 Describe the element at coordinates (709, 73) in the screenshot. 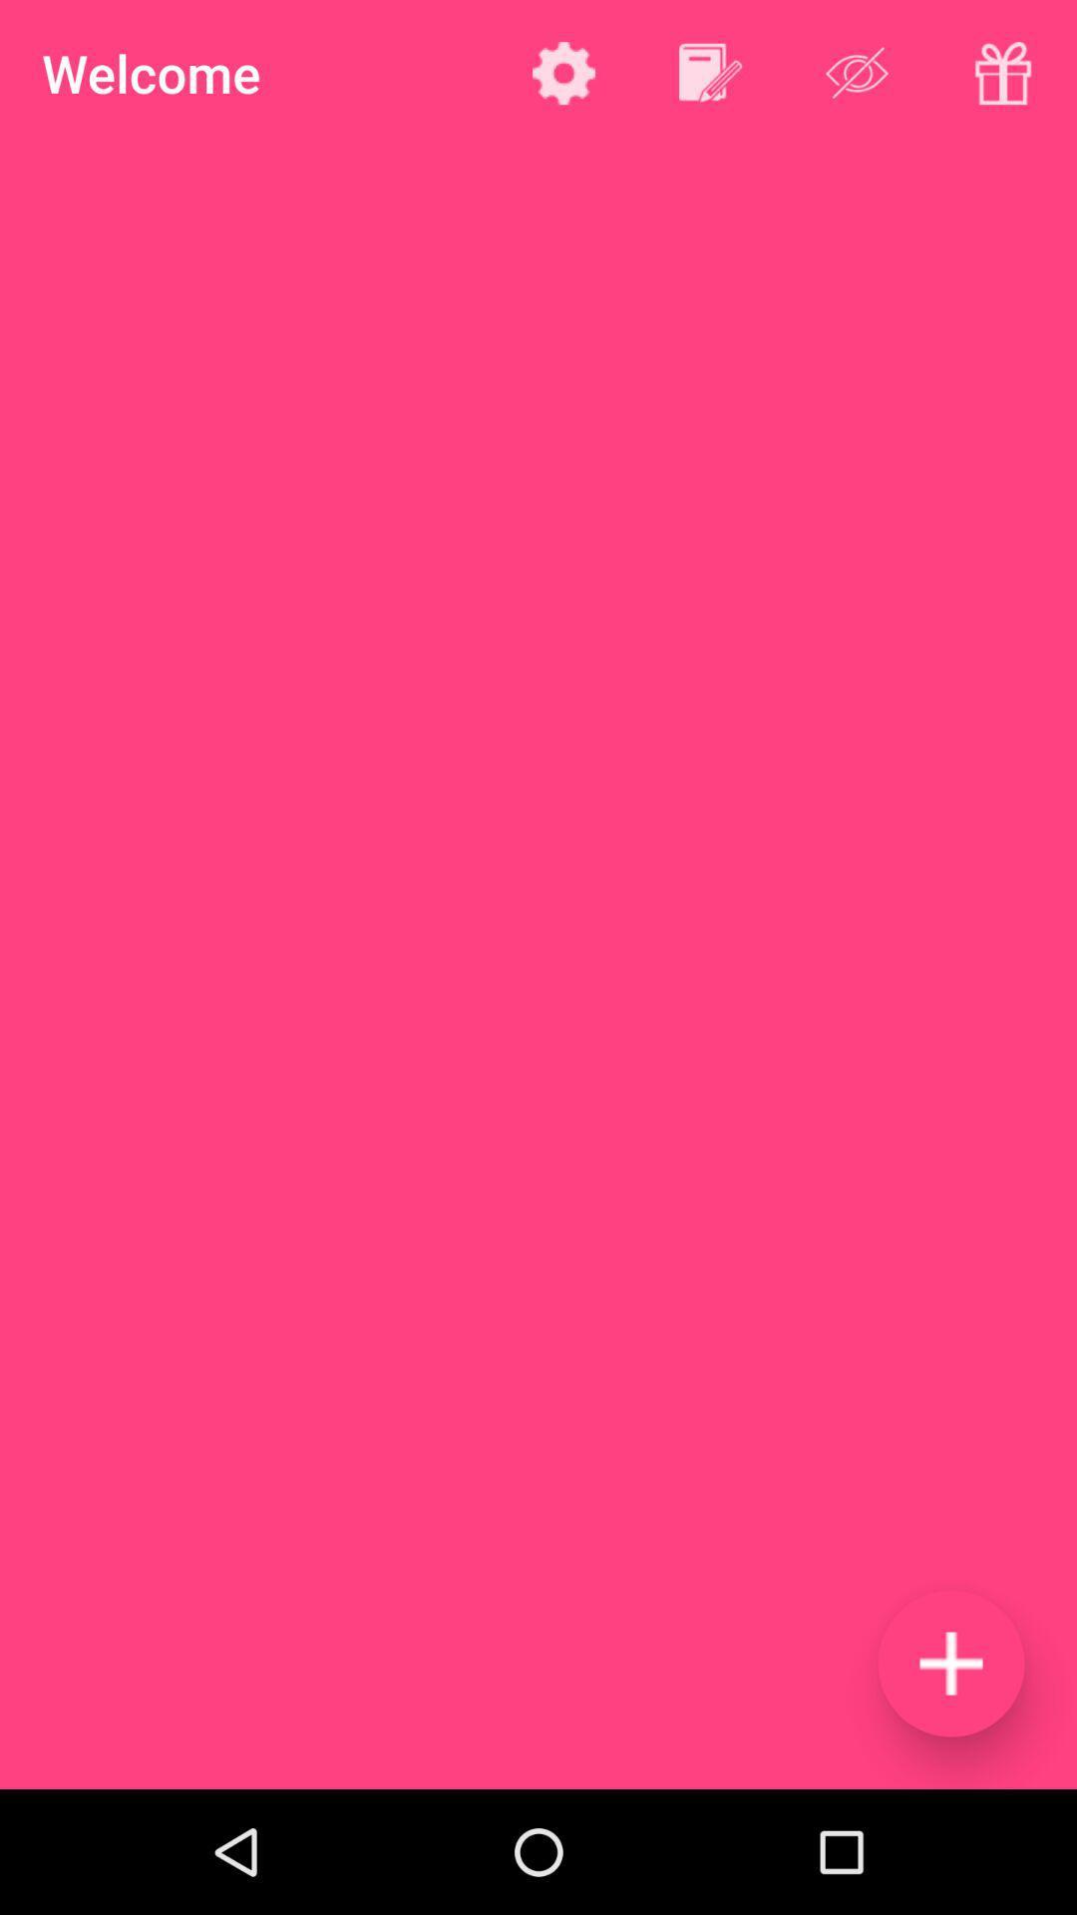

I see `notes` at that location.